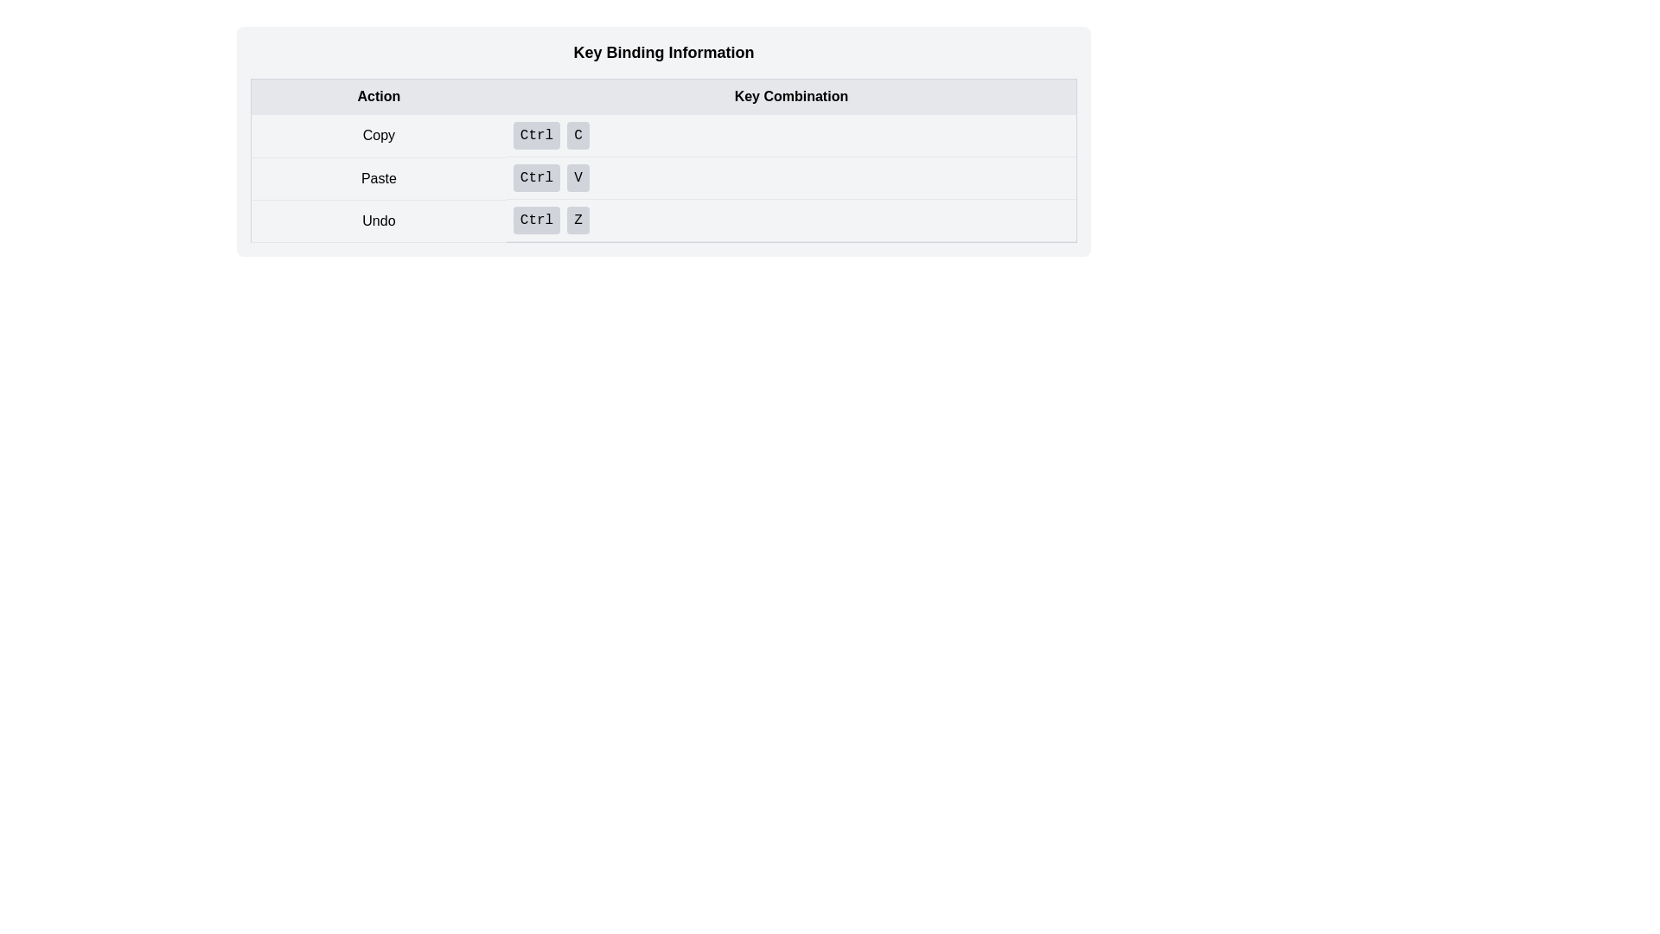  Describe the element at coordinates (378, 220) in the screenshot. I see `the 'Undo' text label which is styled with a black font on a light gray background, located in the third row of the table under the 'Action' column` at that location.